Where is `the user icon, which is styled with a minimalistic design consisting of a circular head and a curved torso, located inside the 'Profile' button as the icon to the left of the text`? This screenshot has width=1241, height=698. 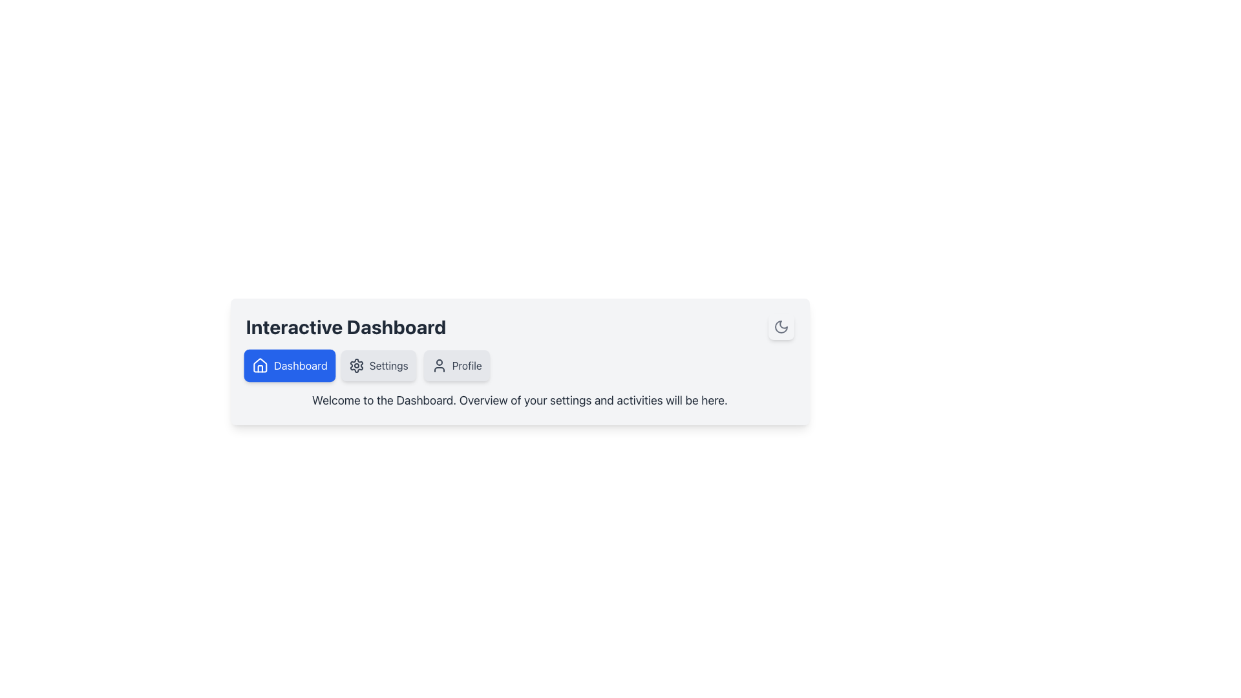 the user icon, which is styled with a minimalistic design consisting of a circular head and a curved torso, located inside the 'Profile' button as the icon to the left of the text is located at coordinates (439, 366).